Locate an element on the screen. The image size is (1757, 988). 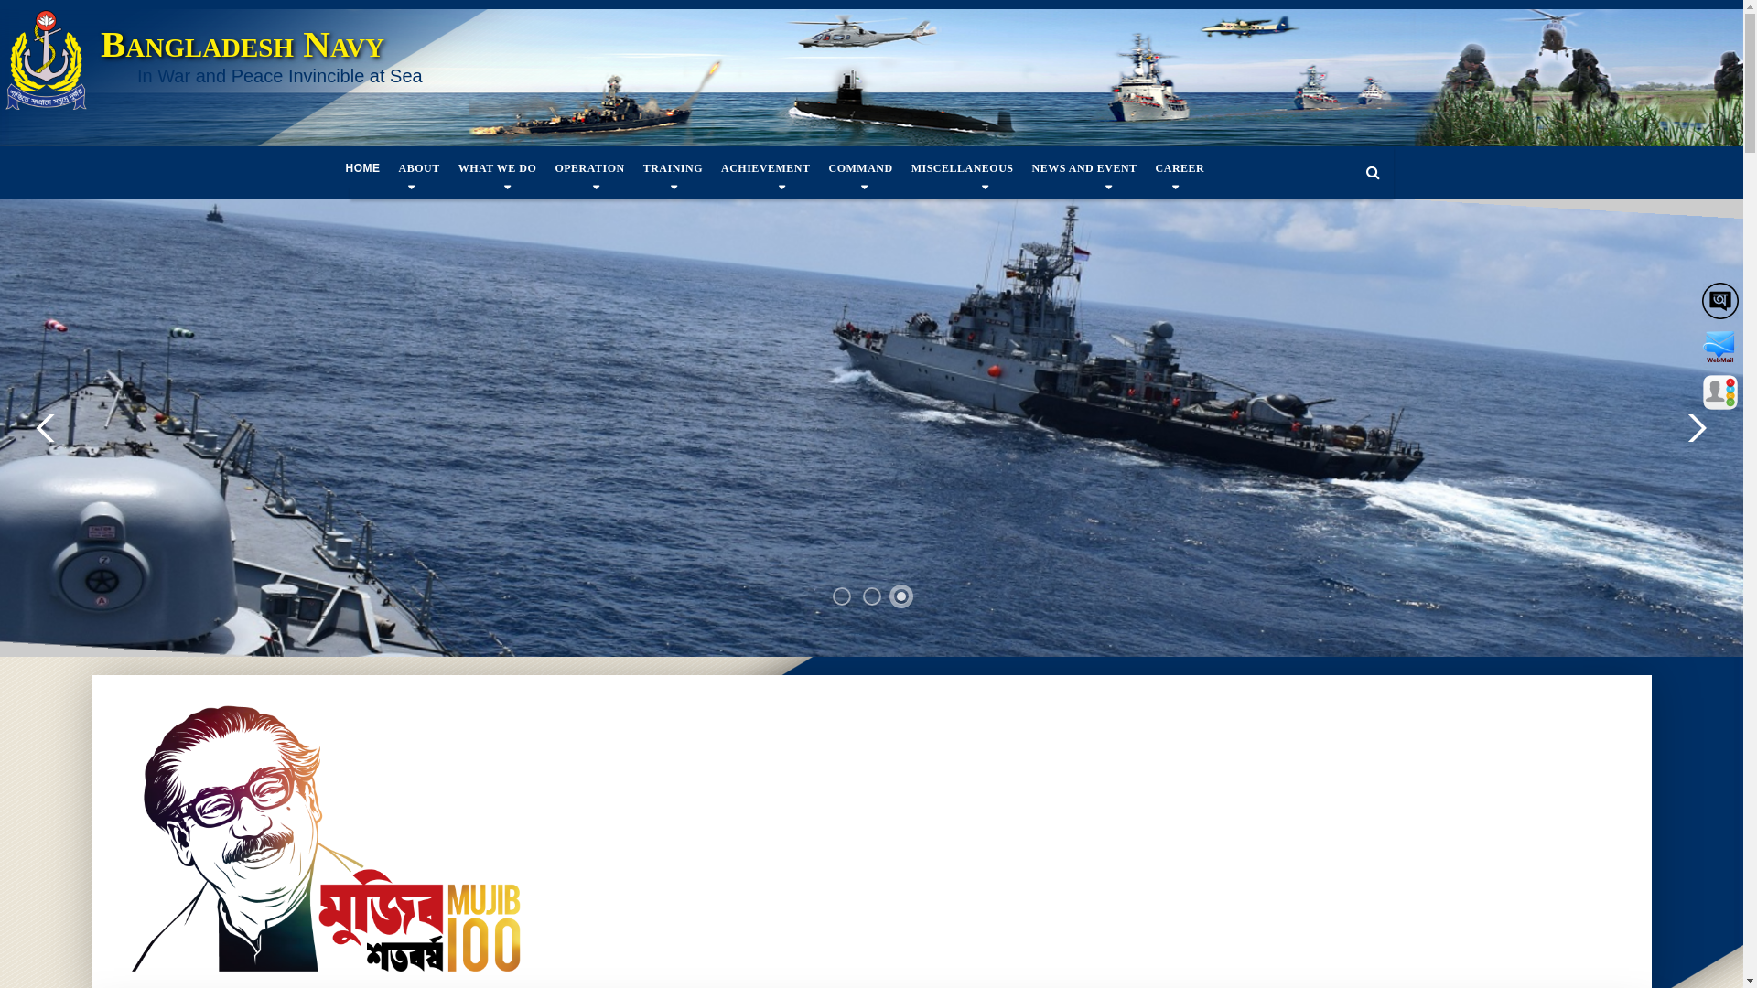
'ABOUT' is located at coordinates (389, 168).